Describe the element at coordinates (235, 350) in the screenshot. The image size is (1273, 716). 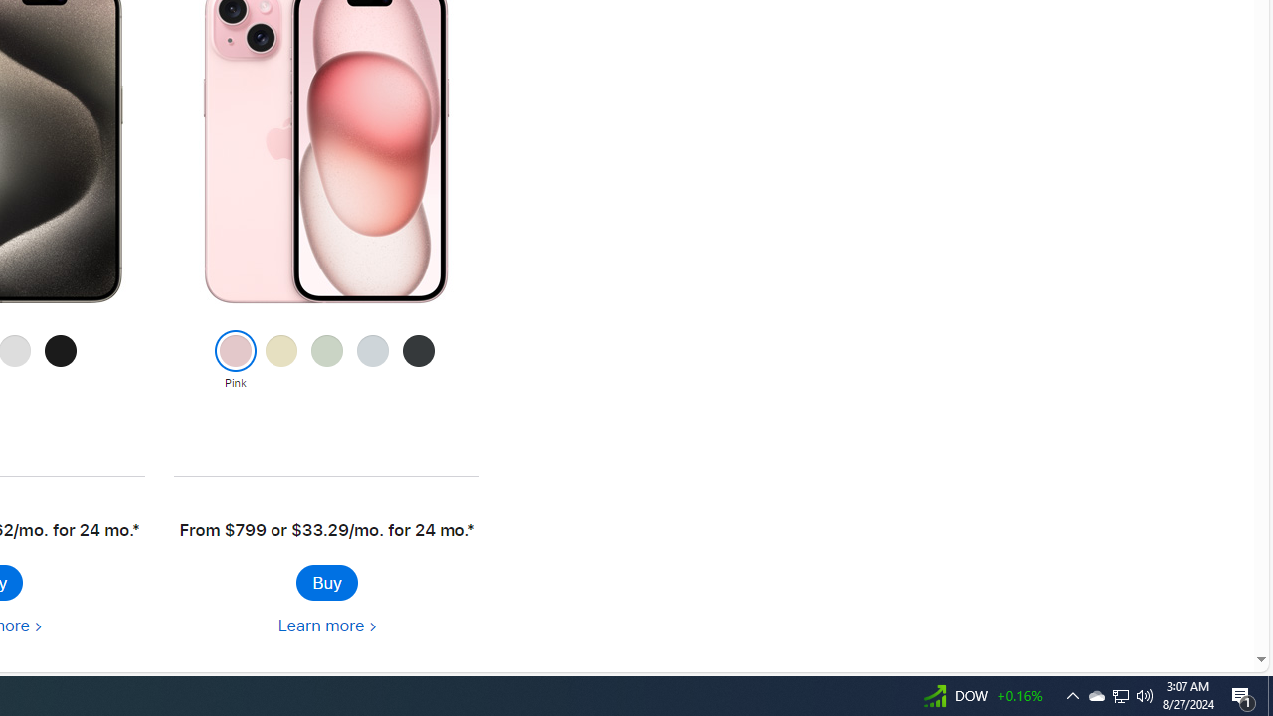
I see `'Class: colornav-link current'` at that location.